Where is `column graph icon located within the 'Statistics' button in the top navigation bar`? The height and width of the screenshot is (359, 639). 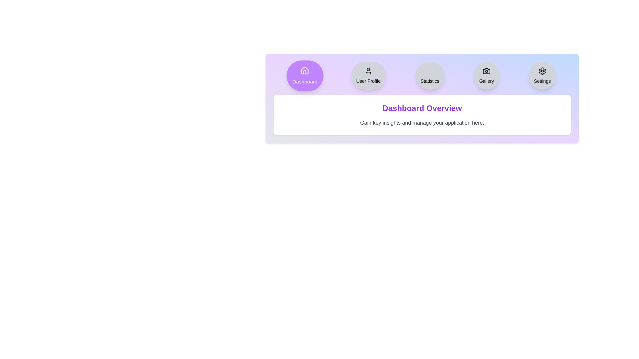 column graph icon located within the 'Statistics' button in the top navigation bar is located at coordinates (430, 71).